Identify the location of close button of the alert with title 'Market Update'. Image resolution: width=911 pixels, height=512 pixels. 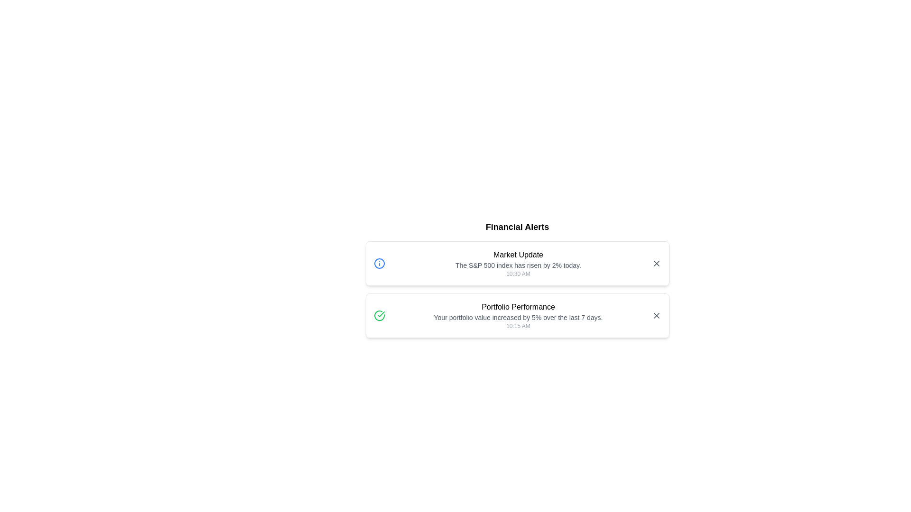
(656, 263).